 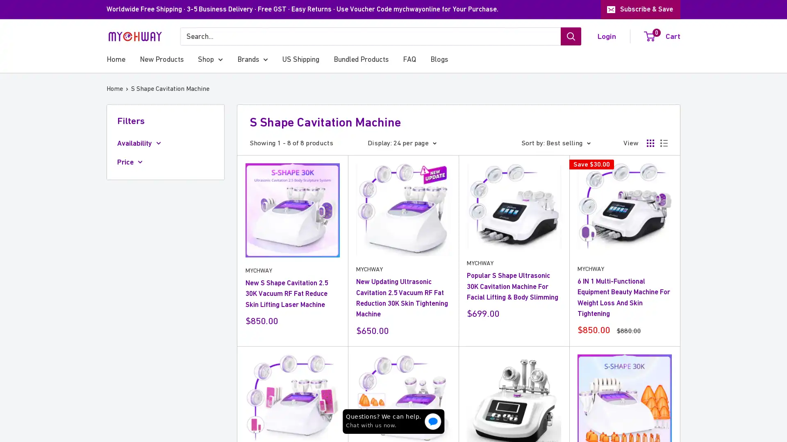 I want to click on Display products as grid, so click(x=650, y=142).